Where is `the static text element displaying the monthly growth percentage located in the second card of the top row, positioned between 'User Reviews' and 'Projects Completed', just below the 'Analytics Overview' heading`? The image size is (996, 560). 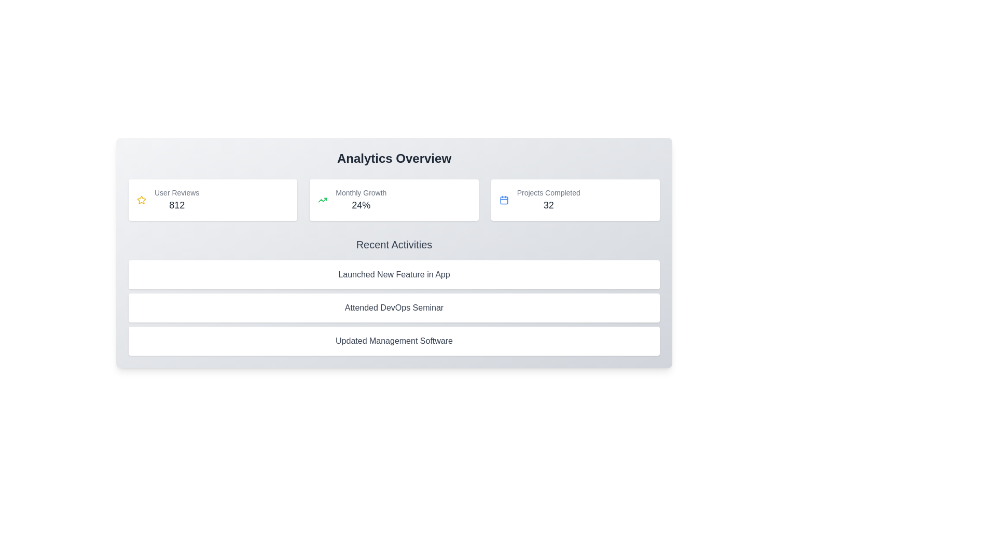
the static text element displaying the monthly growth percentage located in the second card of the top row, positioned between 'User Reviews' and 'Projects Completed', just below the 'Analytics Overview' heading is located at coordinates (361, 200).